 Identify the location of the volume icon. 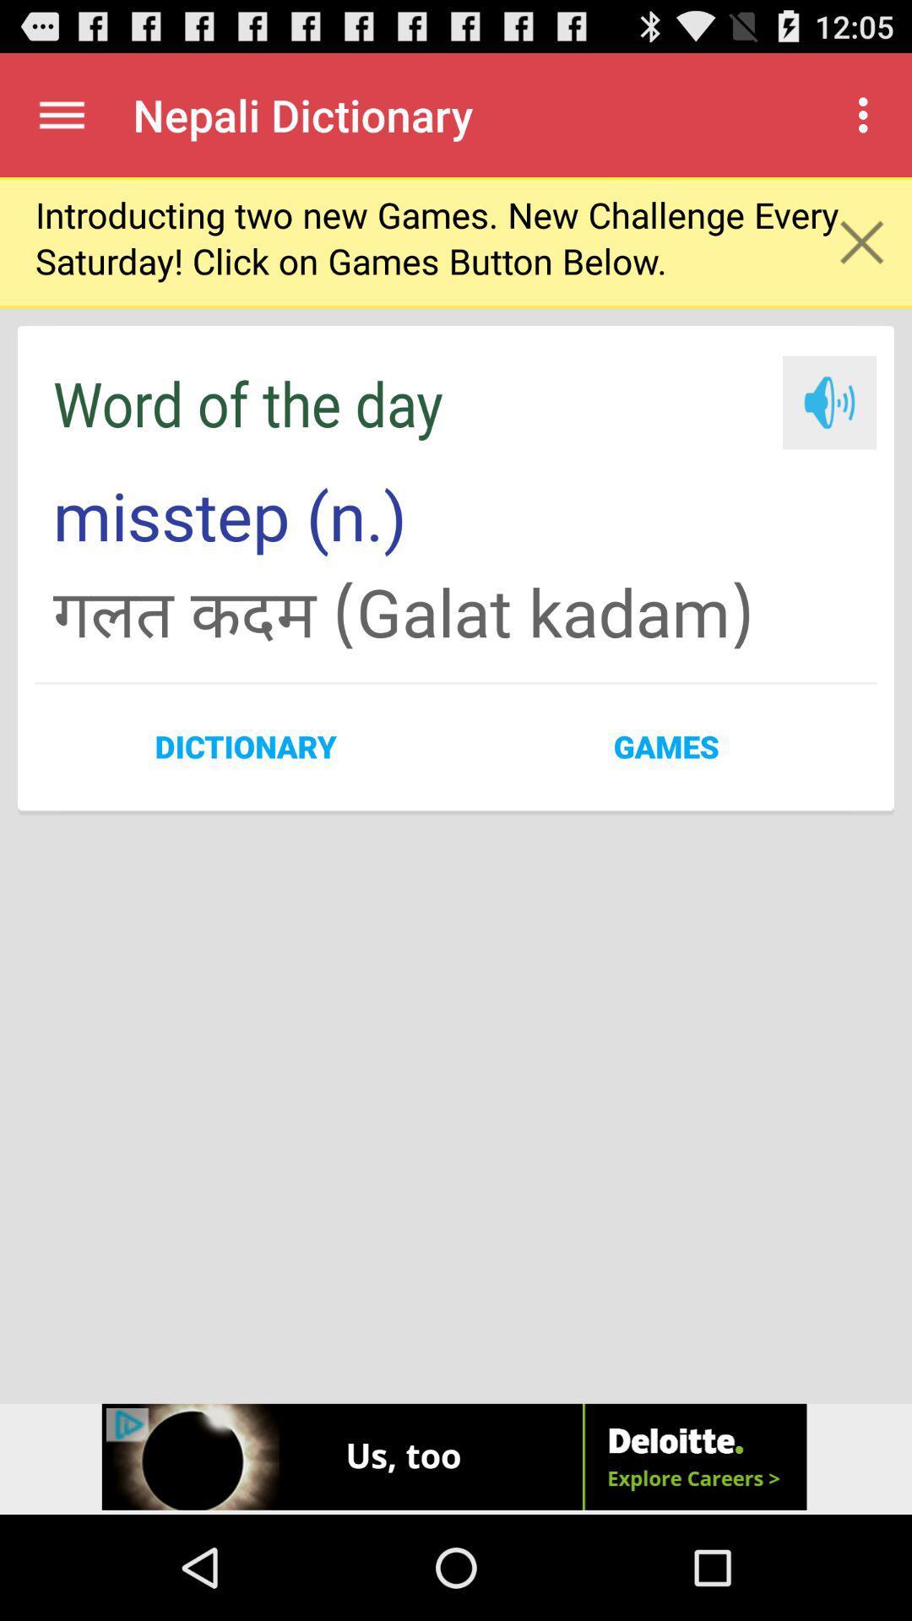
(828, 431).